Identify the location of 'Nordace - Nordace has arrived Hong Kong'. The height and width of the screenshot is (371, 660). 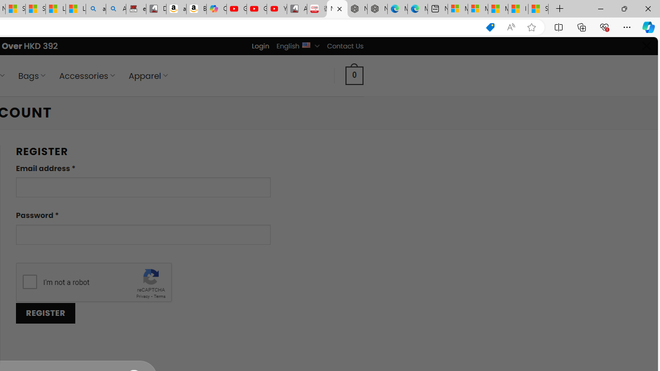
(377, 9).